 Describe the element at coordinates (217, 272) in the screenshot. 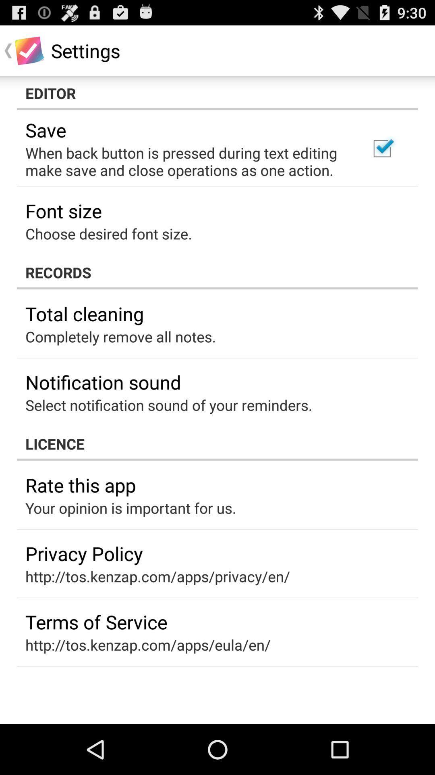

I see `records` at that location.